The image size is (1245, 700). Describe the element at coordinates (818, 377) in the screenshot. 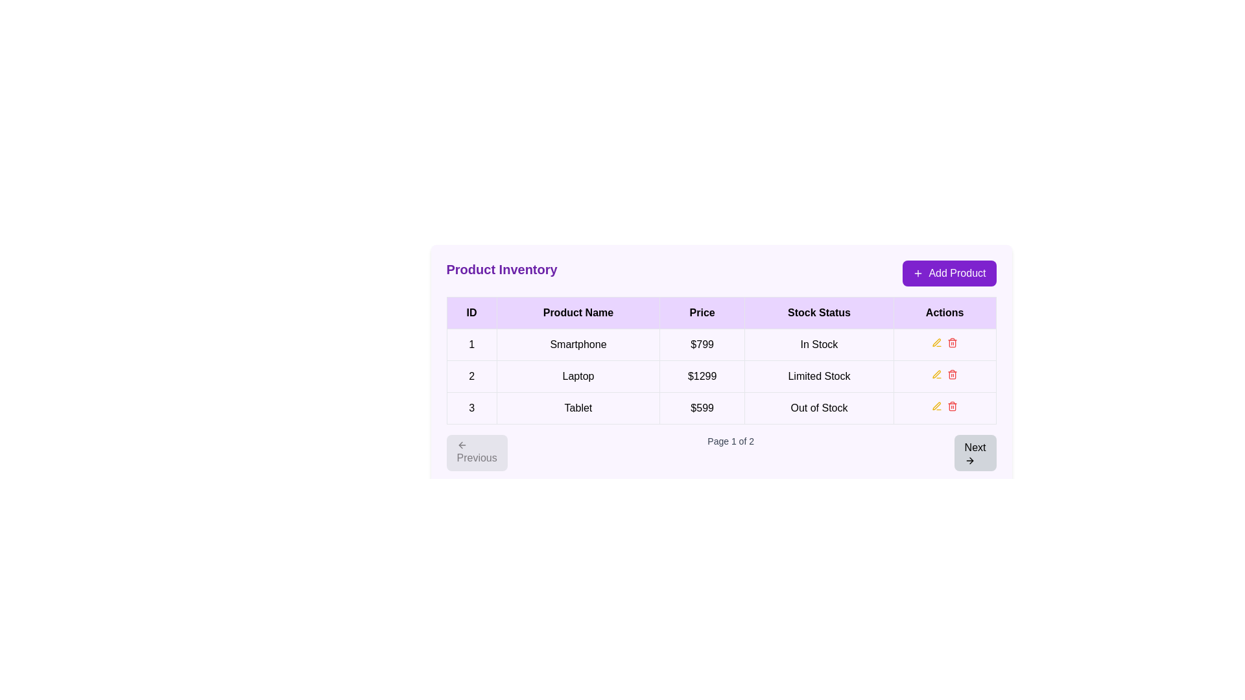

I see `the 'Limited Stock' text label located in the 'Stock Status' column of the product table` at that location.